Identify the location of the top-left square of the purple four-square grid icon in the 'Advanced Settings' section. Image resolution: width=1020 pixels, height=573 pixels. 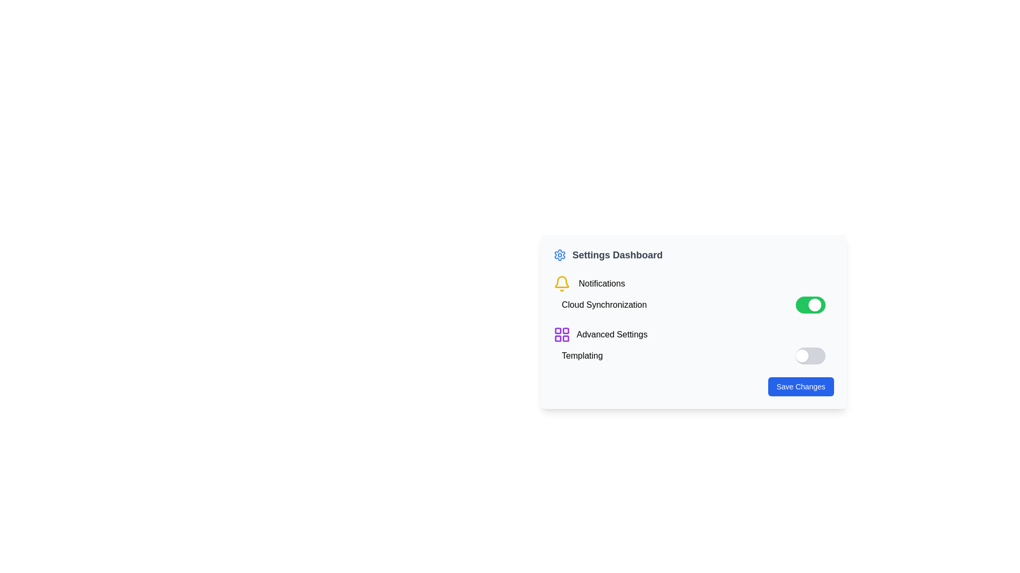
(557, 330).